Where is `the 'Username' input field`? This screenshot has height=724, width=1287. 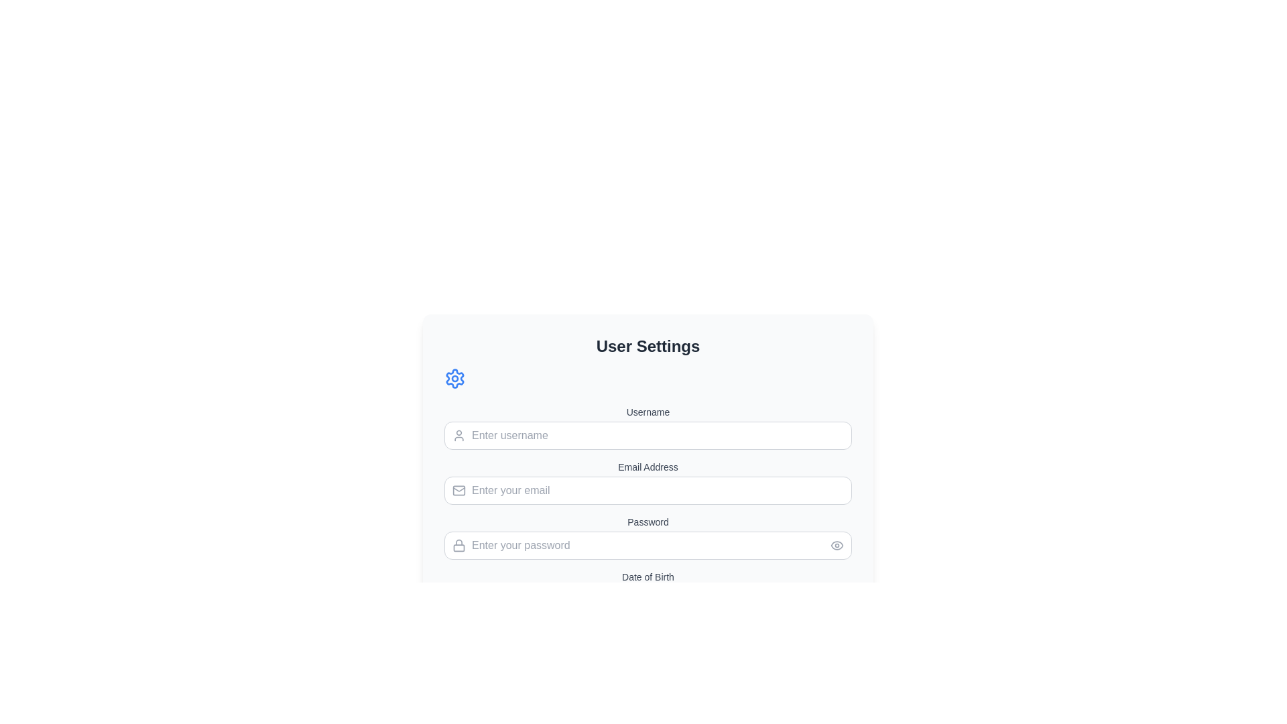 the 'Username' input field is located at coordinates (648, 427).